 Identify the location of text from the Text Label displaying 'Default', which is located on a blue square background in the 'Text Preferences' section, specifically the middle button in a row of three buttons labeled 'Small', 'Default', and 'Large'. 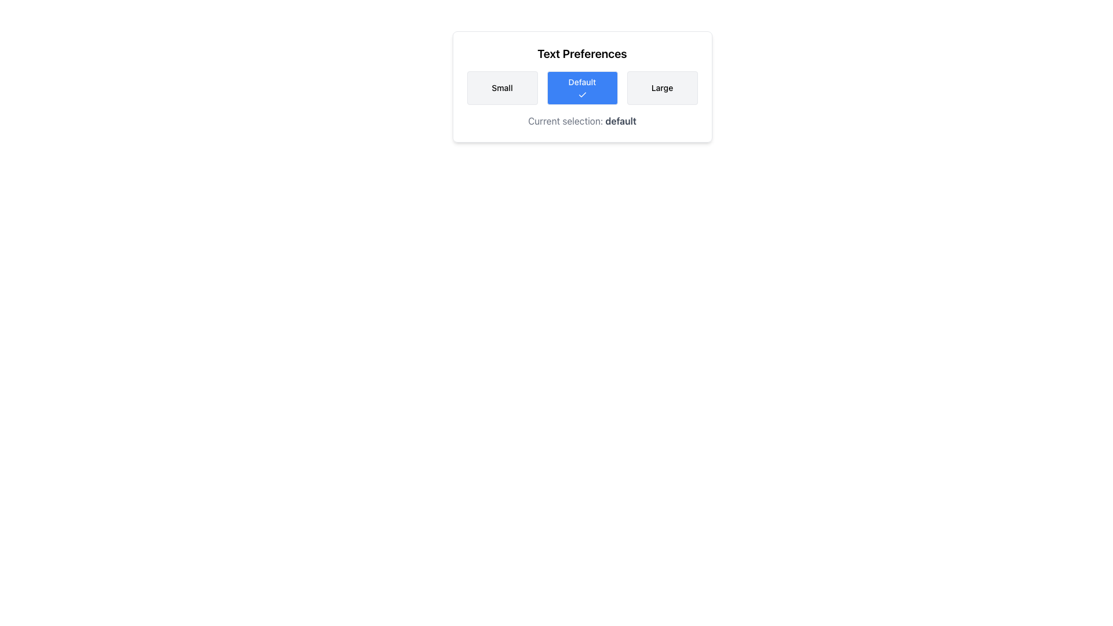
(582, 82).